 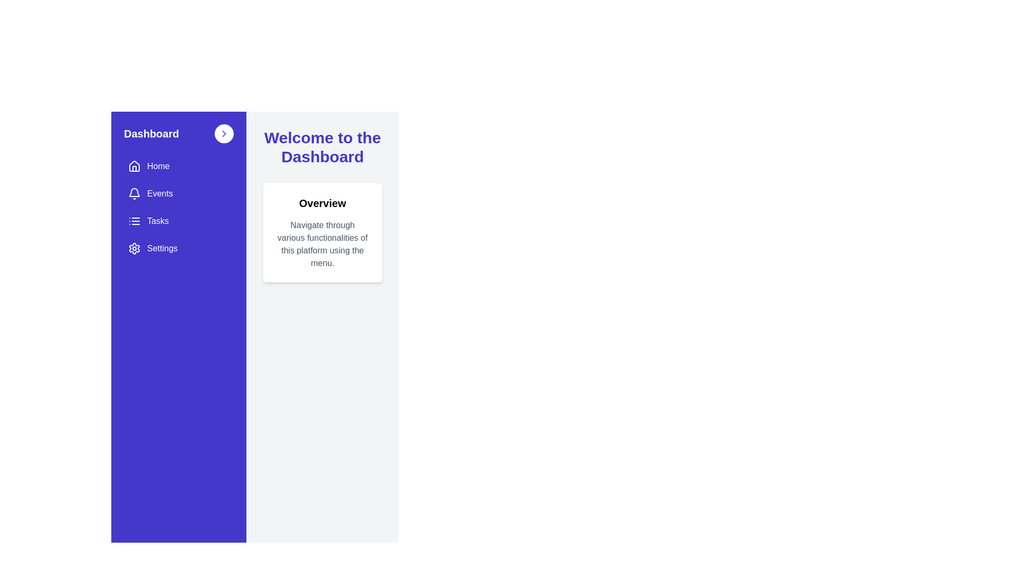 I want to click on the navigation button that redirects to the settings section, located as the fourth item in the sidebar navigation options, so click(x=179, y=248).